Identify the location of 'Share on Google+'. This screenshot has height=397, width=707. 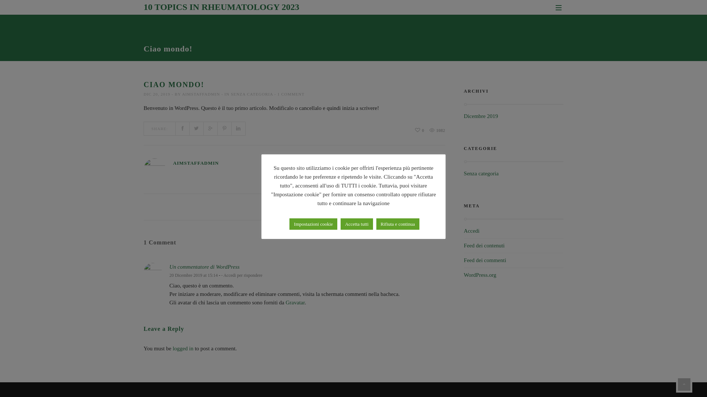
(210, 128).